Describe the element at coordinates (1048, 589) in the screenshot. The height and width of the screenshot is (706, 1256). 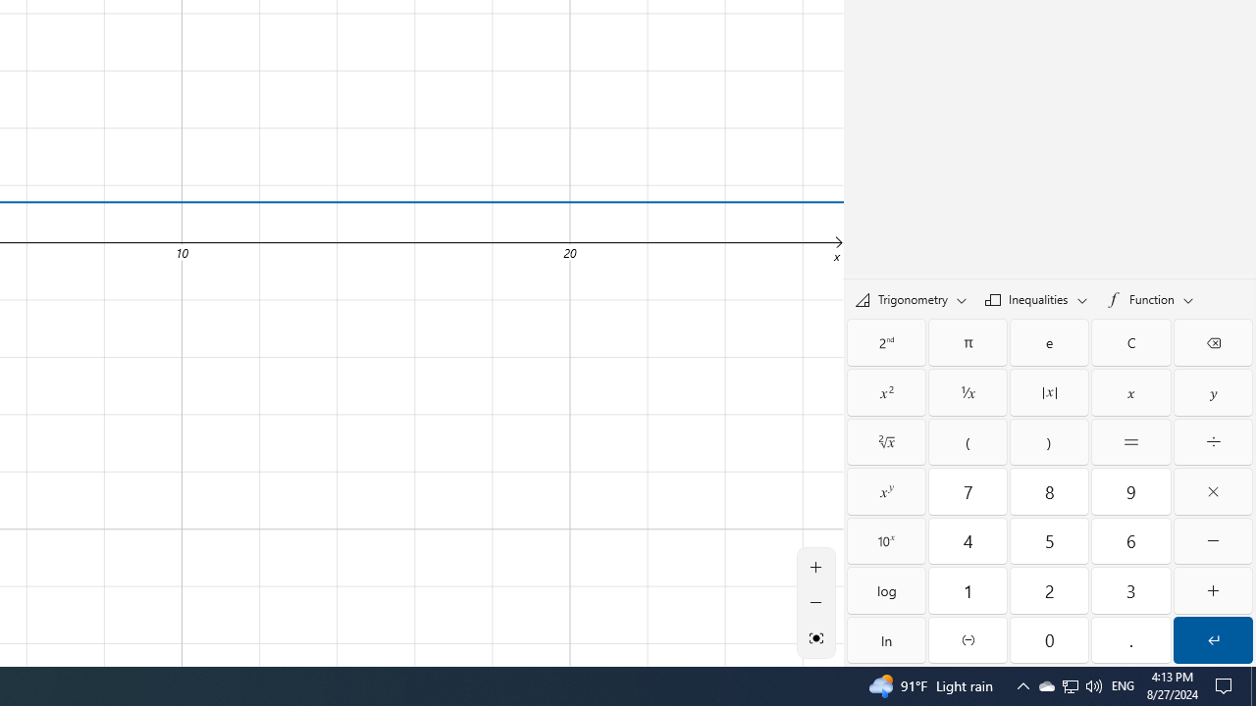
I see `'Two'` at that location.